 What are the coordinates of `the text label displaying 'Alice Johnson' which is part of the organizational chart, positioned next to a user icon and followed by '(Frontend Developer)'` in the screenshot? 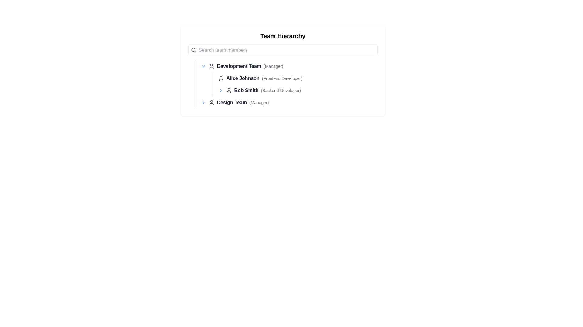 It's located at (243, 78).